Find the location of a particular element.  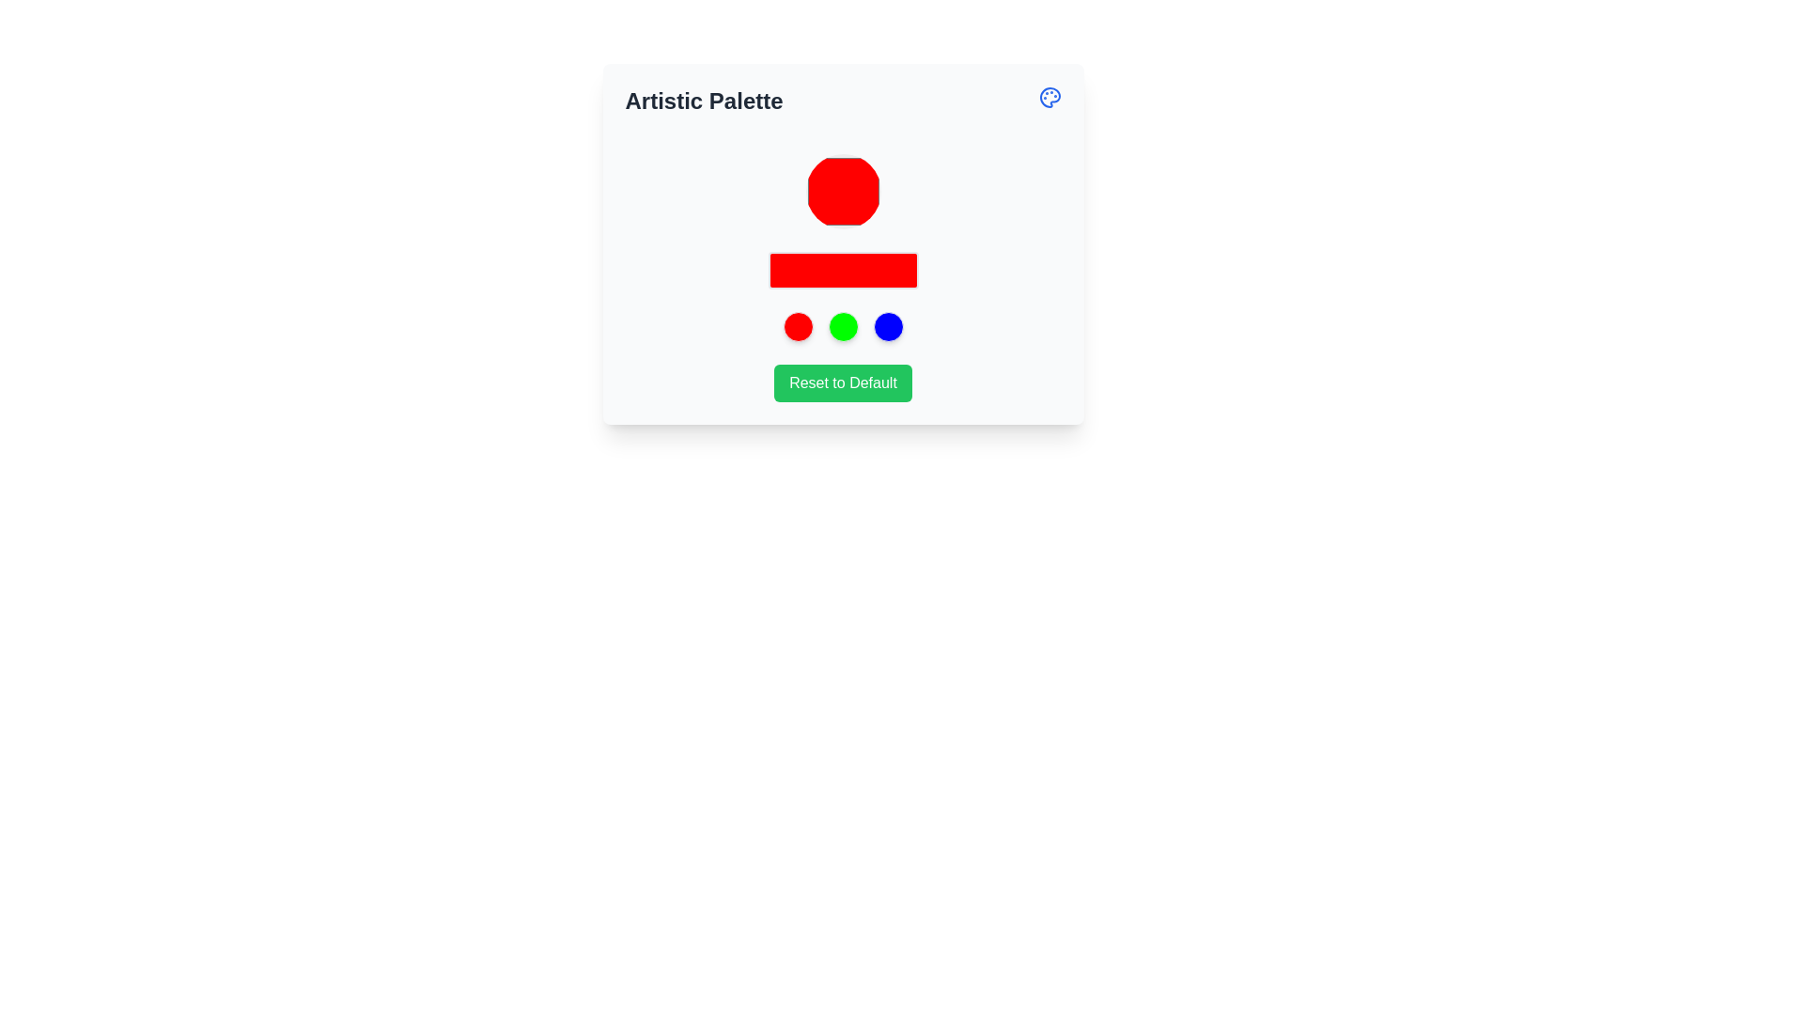

the green circular button from the center of the group of three circular buttons in the 'Artistic Palette' card is located at coordinates (842, 325).